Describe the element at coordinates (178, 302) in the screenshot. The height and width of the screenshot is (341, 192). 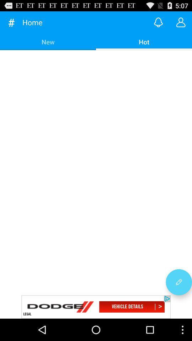
I see `the edit icon` at that location.